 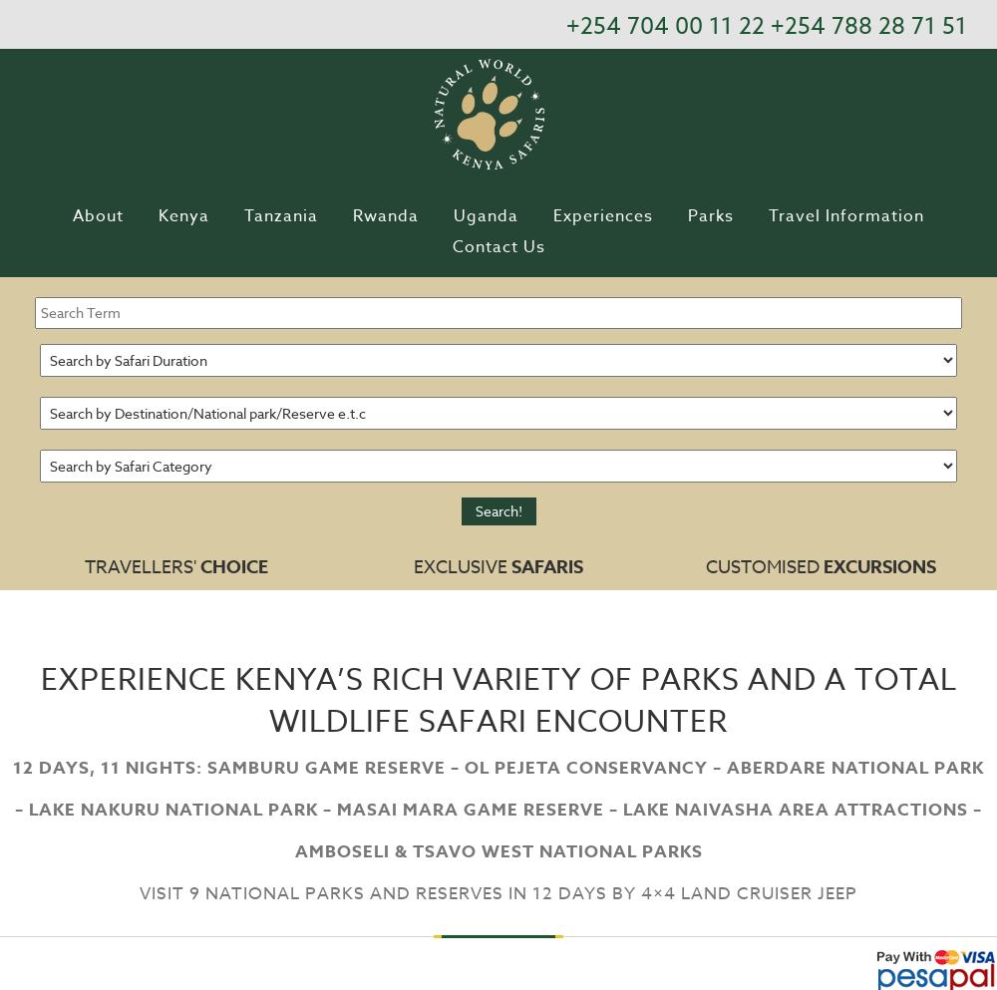 What do you see at coordinates (498, 893) in the screenshot?
I see `'Visit 9 National Parks and Reserves in 12 Days by 4×4 land cruiser jeep'` at bounding box center [498, 893].